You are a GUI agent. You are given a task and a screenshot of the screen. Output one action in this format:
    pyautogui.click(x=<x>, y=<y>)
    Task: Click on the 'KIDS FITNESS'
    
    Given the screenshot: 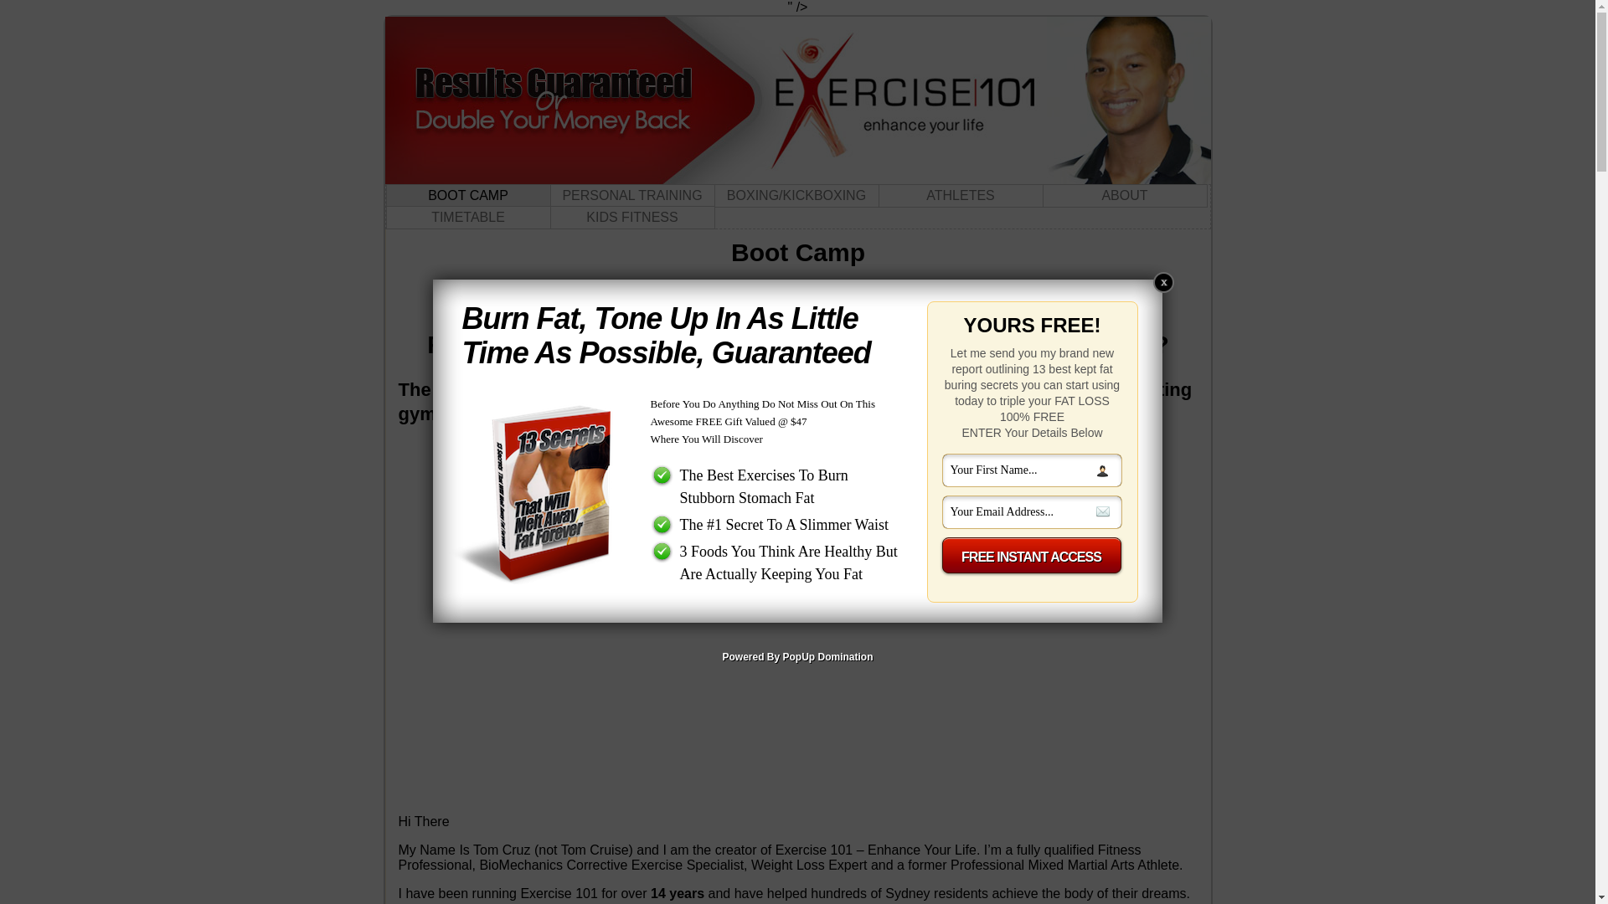 What is the action you would take?
    pyautogui.click(x=631, y=216)
    